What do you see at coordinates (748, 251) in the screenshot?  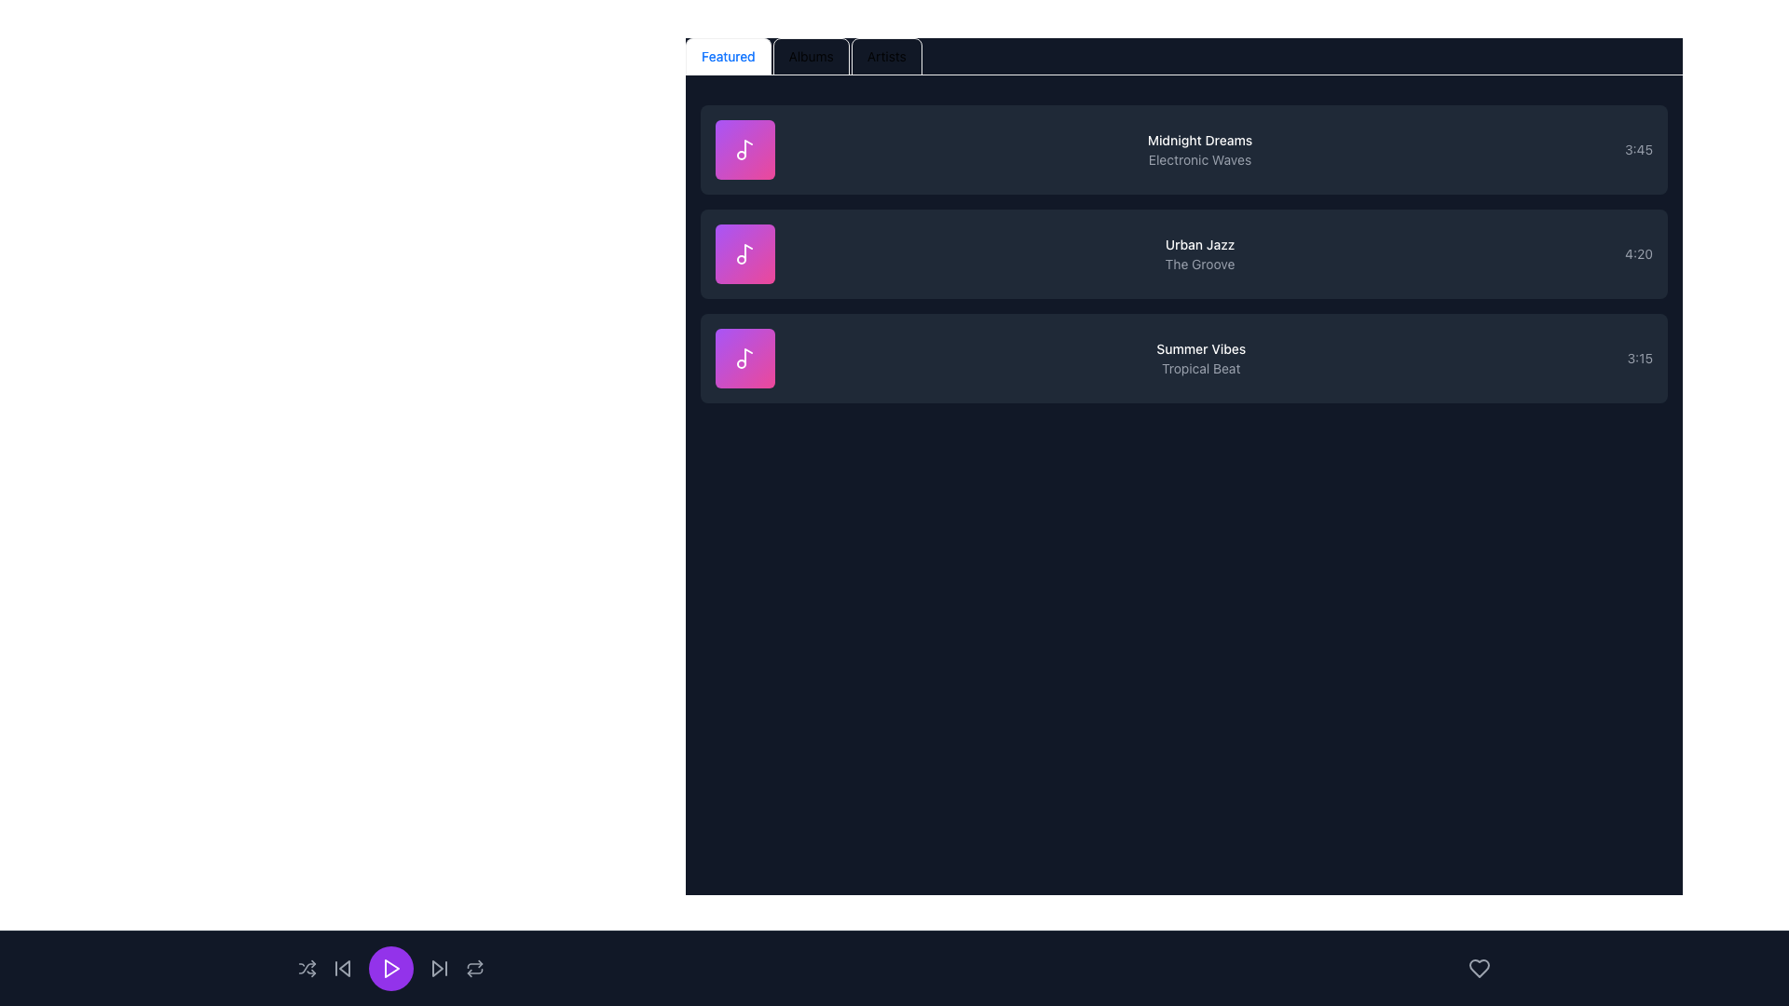 I see `the decorative graphic element resembling a note symbol, which is part of the icon adjacent to the 'Urban Jazz' entry in the music list` at bounding box center [748, 251].